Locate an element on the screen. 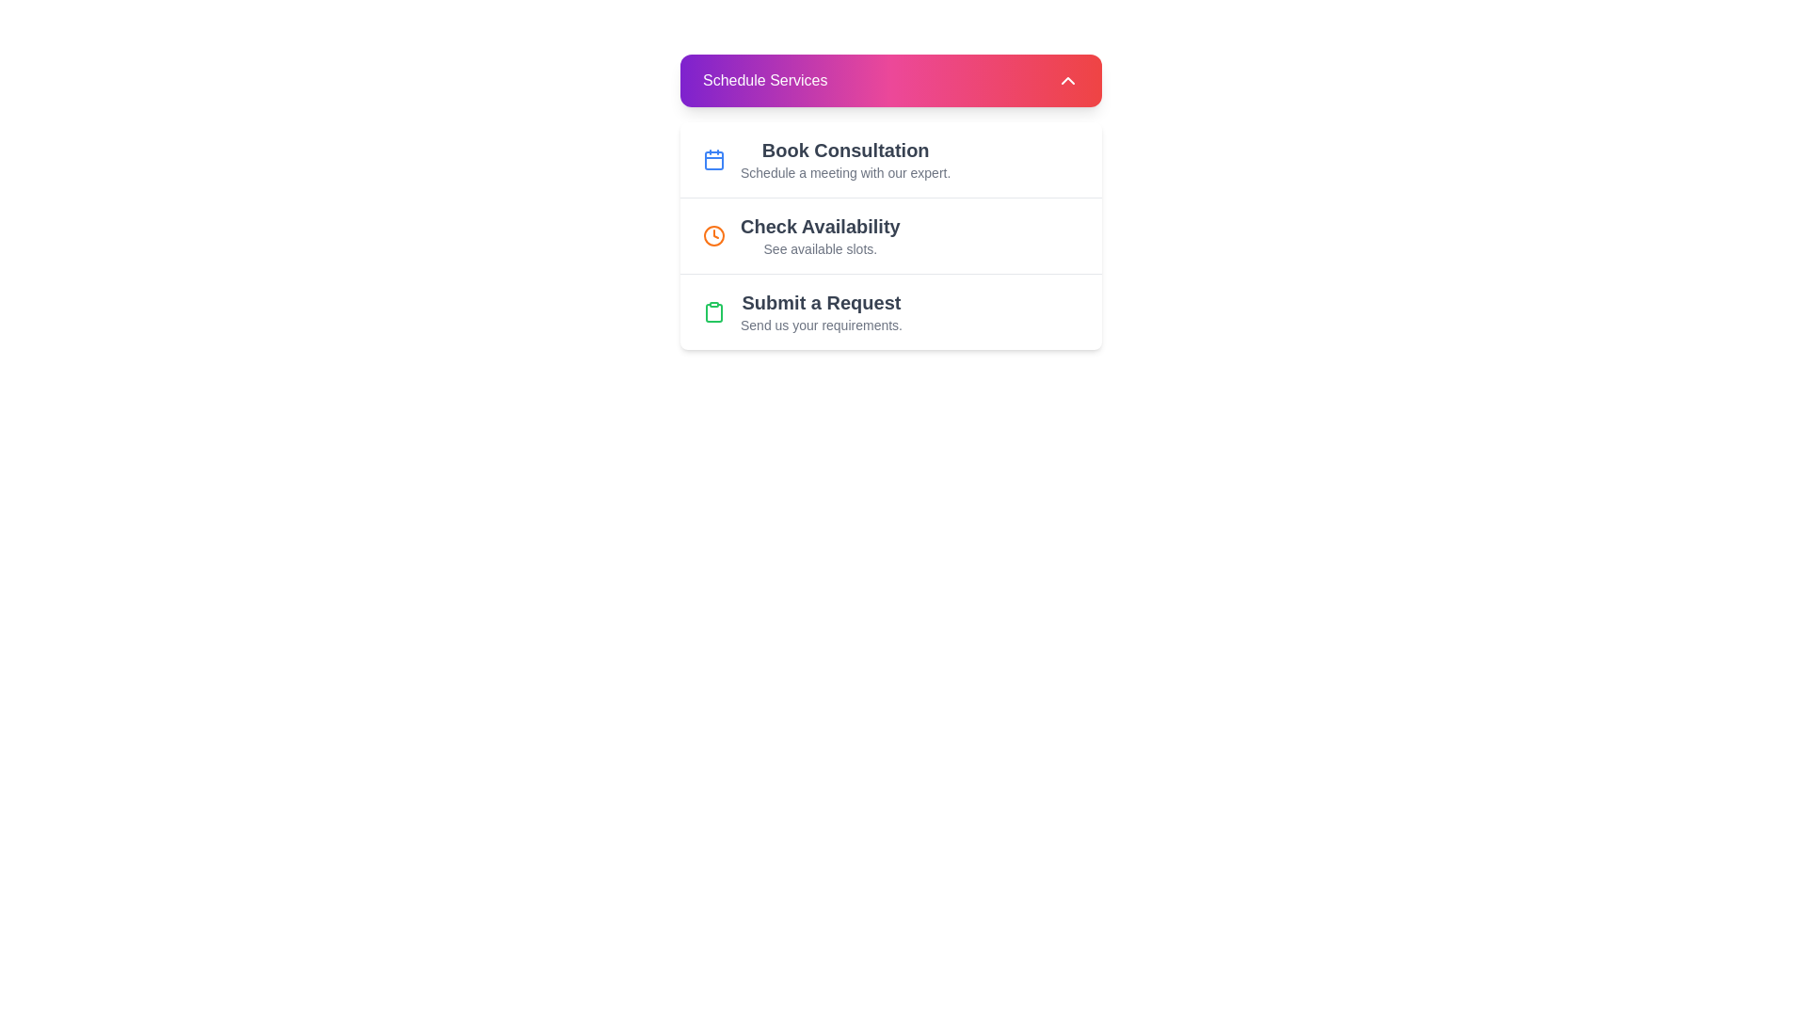 This screenshot has height=1016, width=1807. the blue calendar icon, which is located to the left of the 'Book Consultation' text in the 'Schedule Services' dropdown panel is located at coordinates (712, 158).